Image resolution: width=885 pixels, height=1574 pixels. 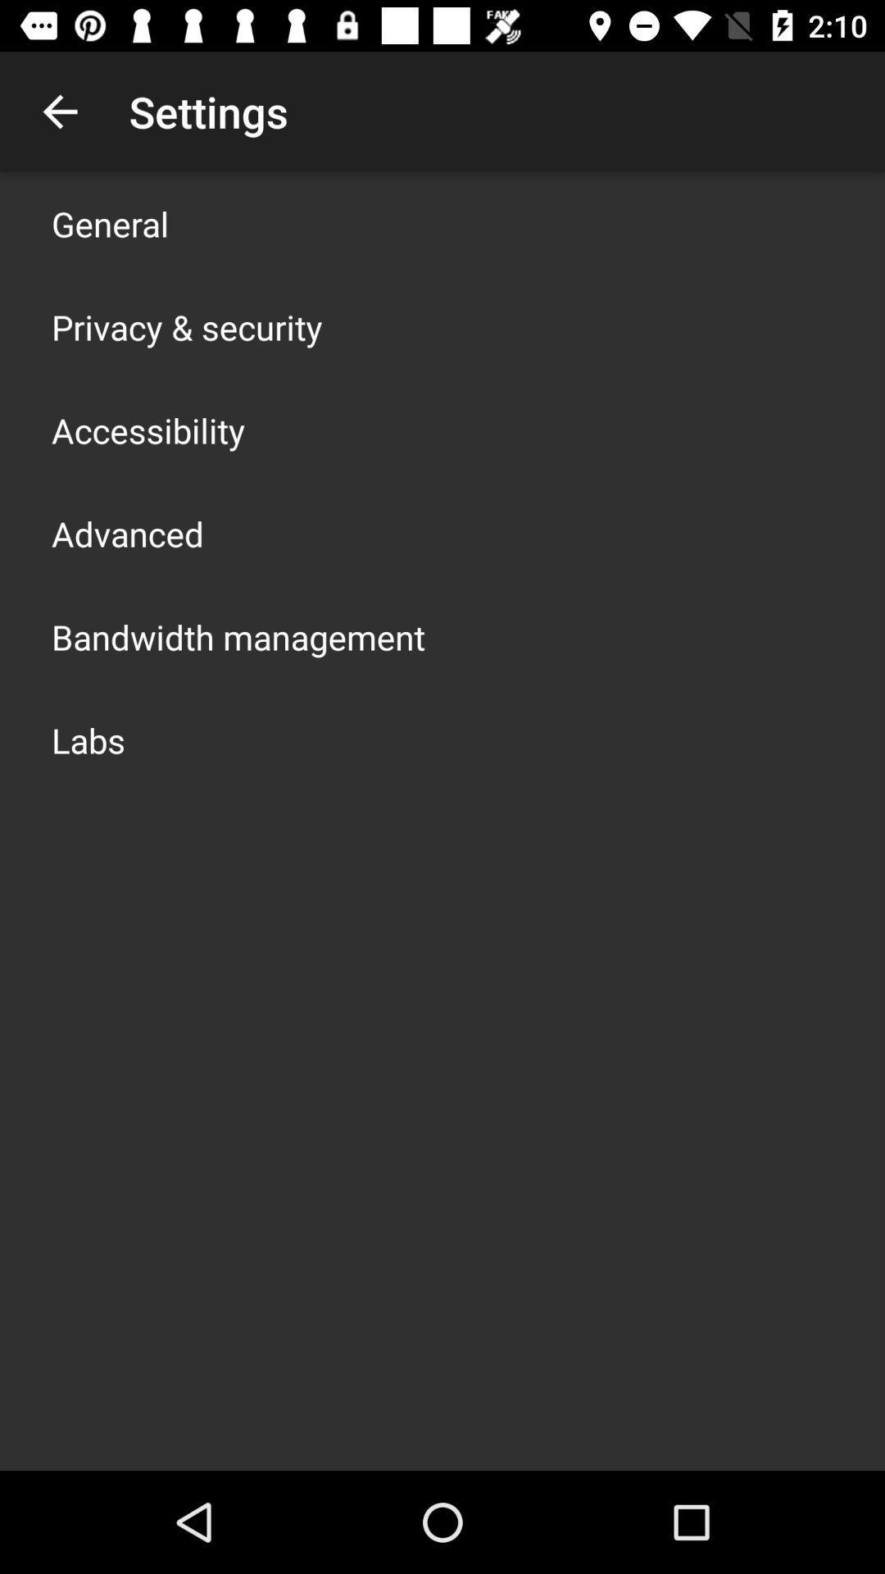 I want to click on the accessibility, so click(x=148, y=430).